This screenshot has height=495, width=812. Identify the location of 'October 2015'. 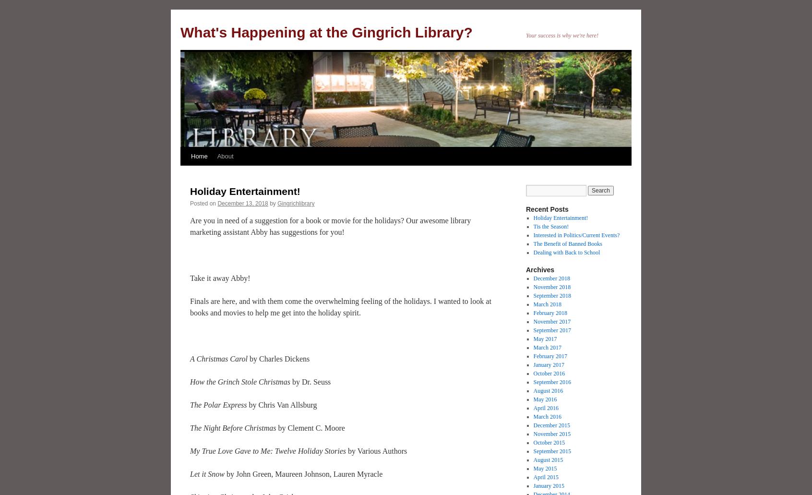
(548, 443).